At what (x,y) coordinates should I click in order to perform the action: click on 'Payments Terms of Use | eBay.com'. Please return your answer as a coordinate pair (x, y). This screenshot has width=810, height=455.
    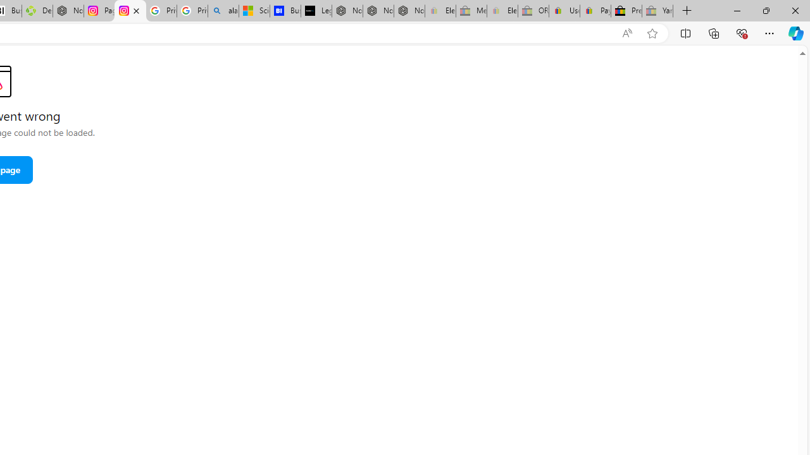
    Looking at the image, I should click on (594, 11).